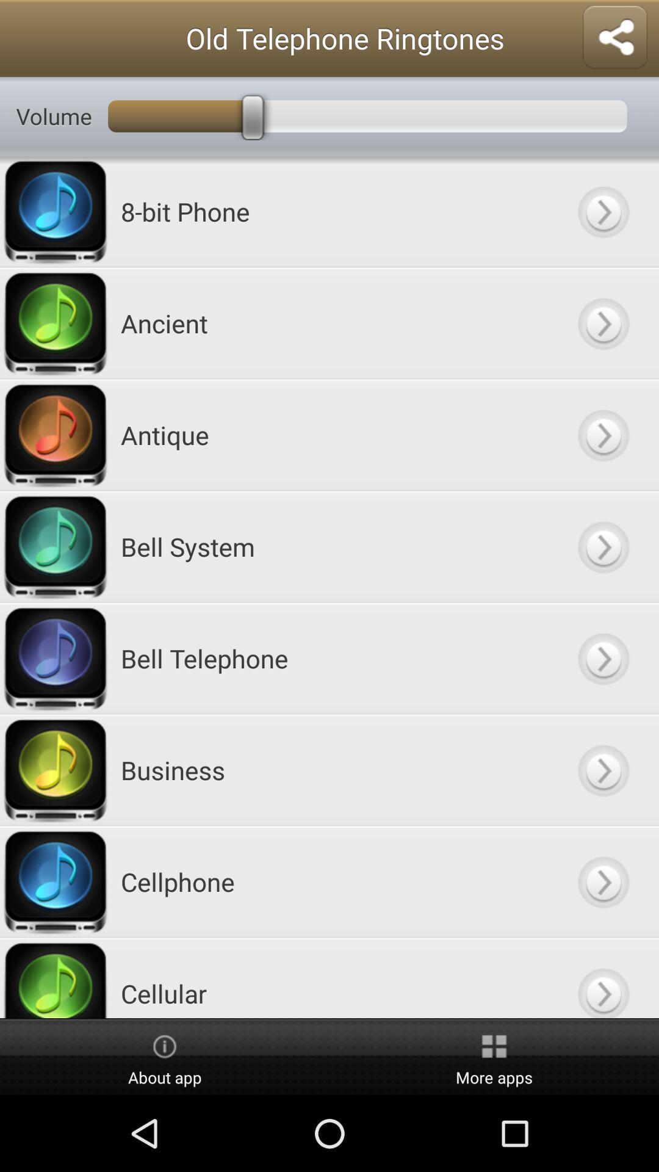  Describe the element at coordinates (602, 435) in the screenshot. I see `open button` at that location.